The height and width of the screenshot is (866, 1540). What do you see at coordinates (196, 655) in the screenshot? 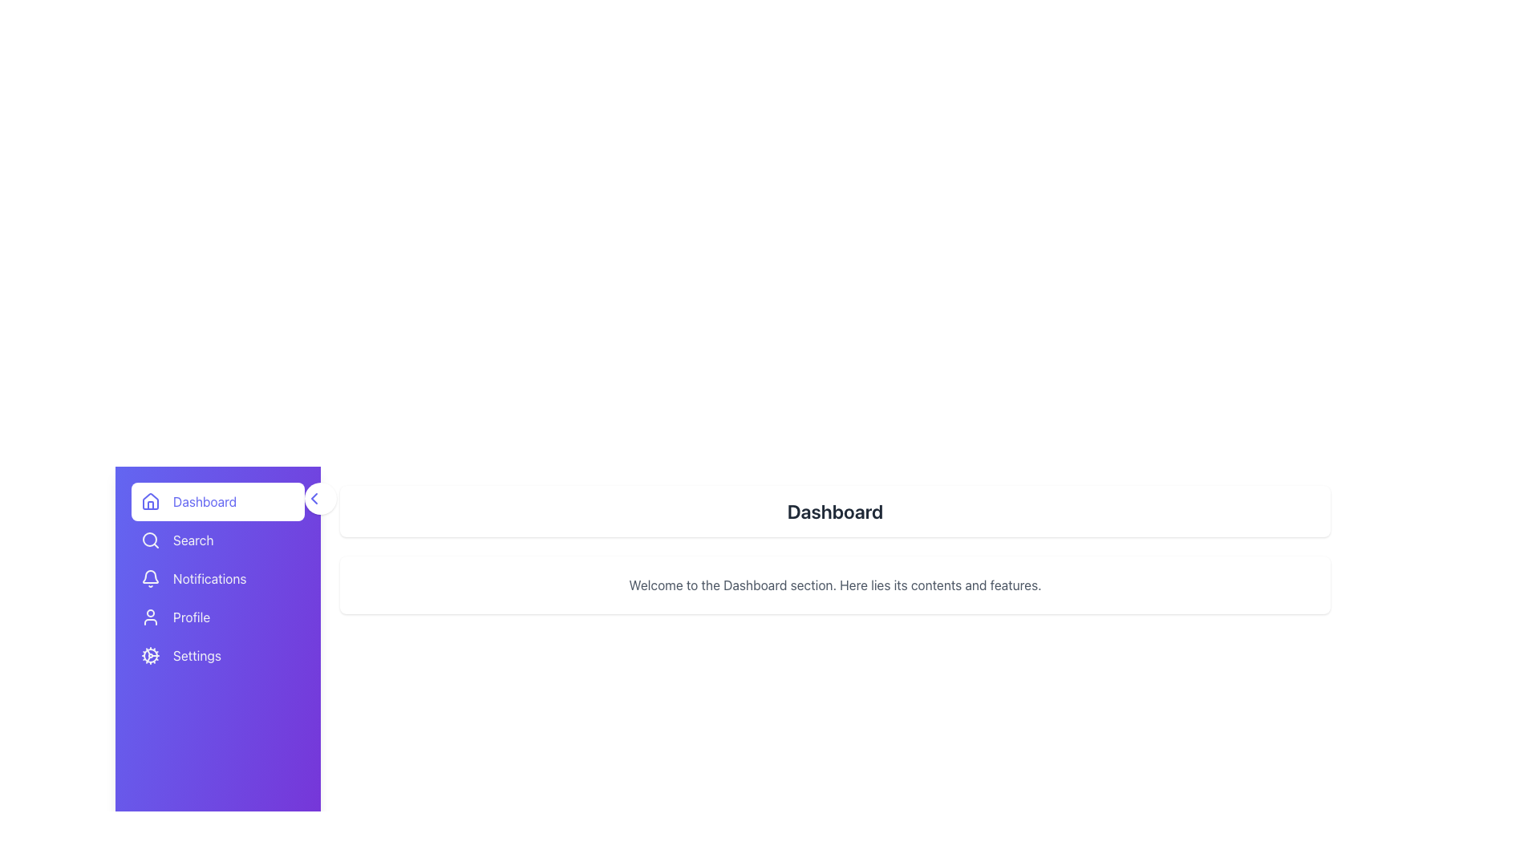
I see `the 'Settings' text label located in the bottom section of the vertical navigation panel on the left side, below the 'Profile' option` at bounding box center [196, 655].